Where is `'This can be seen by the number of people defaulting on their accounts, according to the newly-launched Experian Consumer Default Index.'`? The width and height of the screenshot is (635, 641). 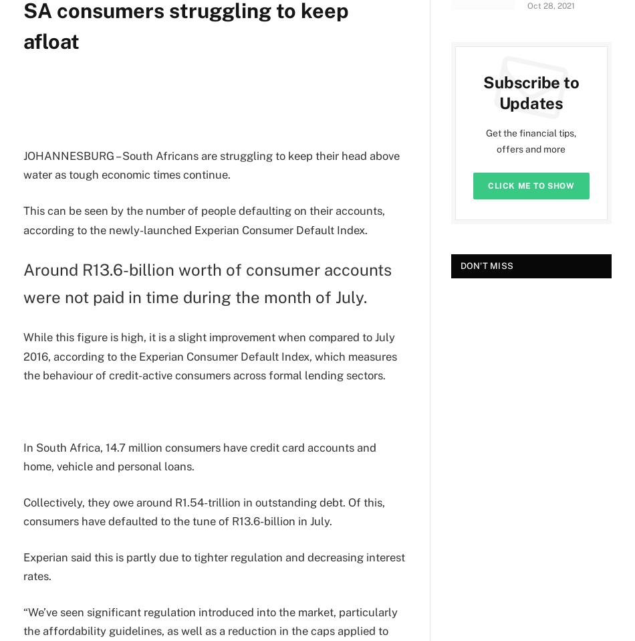
'This can be seen by the number of people defaulting on their accounts, according to the newly-launched Experian Consumer Default Index.' is located at coordinates (203, 219).